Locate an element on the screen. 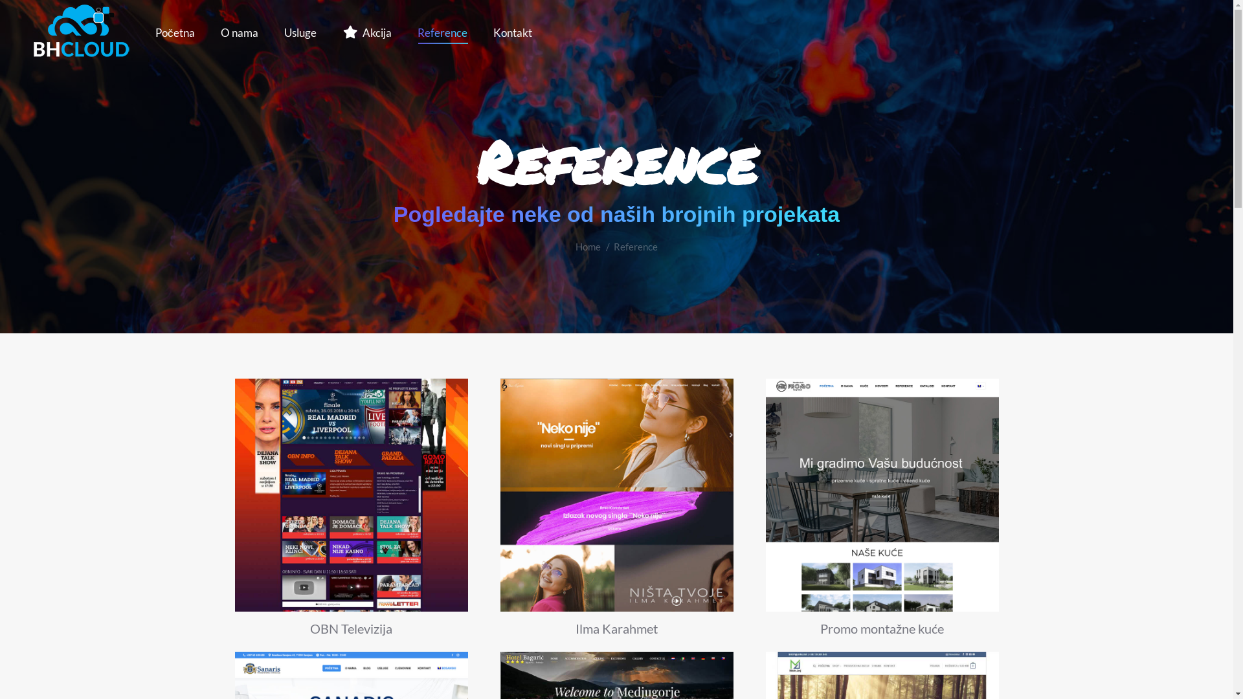 The width and height of the screenshot is (1243, 699). 'Usluge' is located at coordinates (282, 32).